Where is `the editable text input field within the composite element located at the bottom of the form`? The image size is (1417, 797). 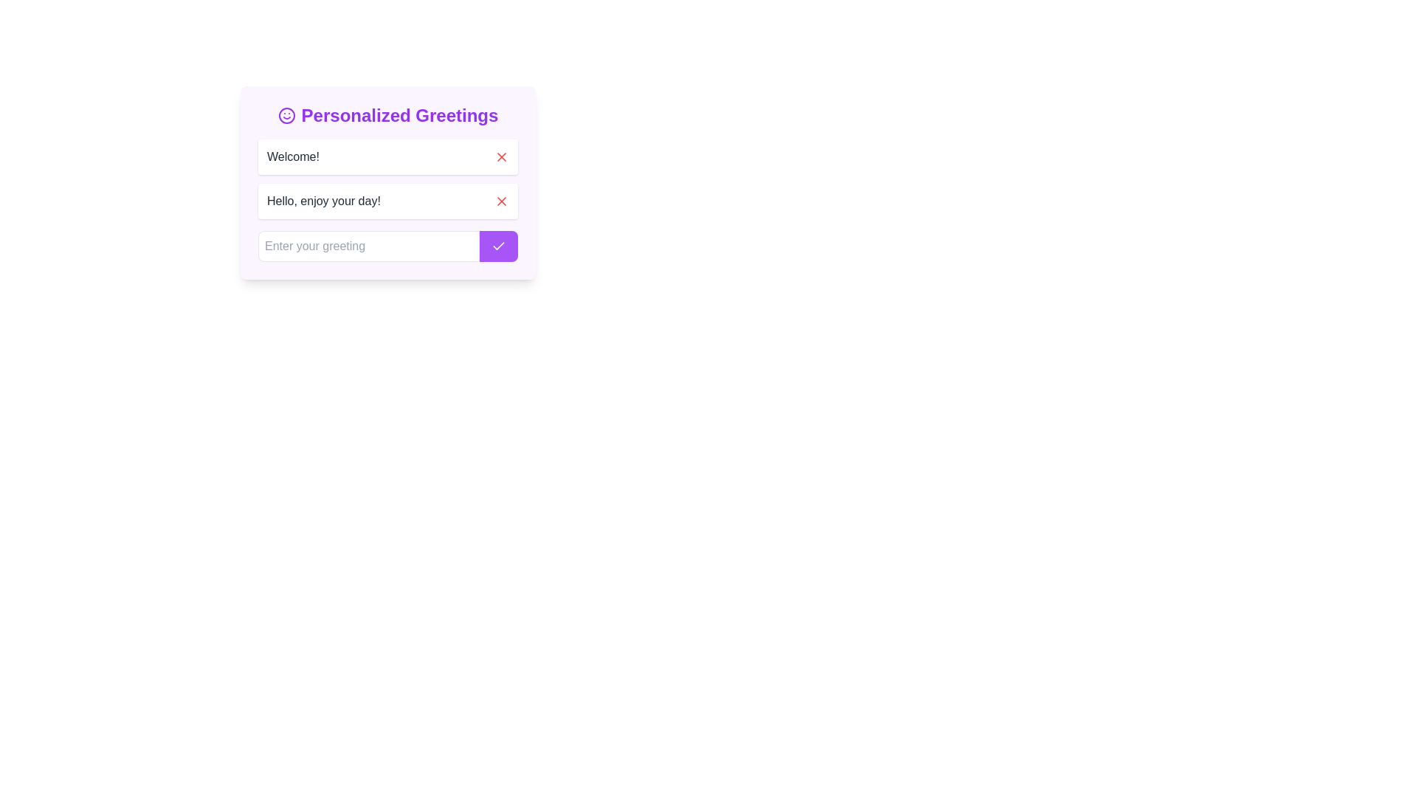
the editable text input field within the composite element located at the bottom of the form is located at coordinates (388, 246).